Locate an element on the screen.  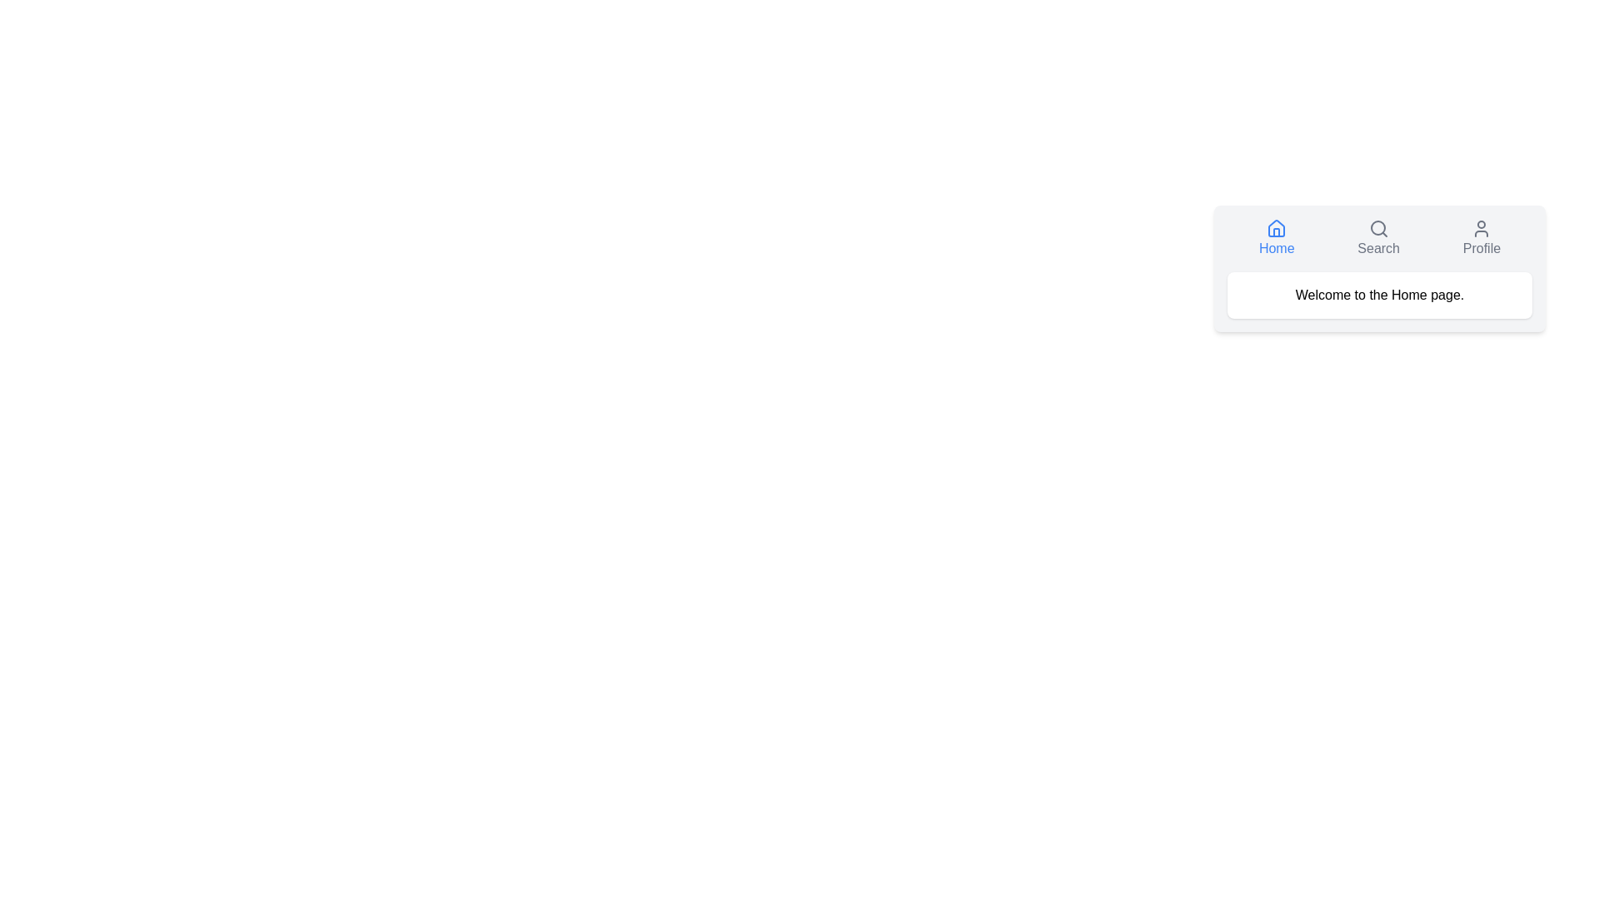
the magnifying glass icon in the top navigation bar, which is the second icon in the sequence is located at coordinates (1378, 228).